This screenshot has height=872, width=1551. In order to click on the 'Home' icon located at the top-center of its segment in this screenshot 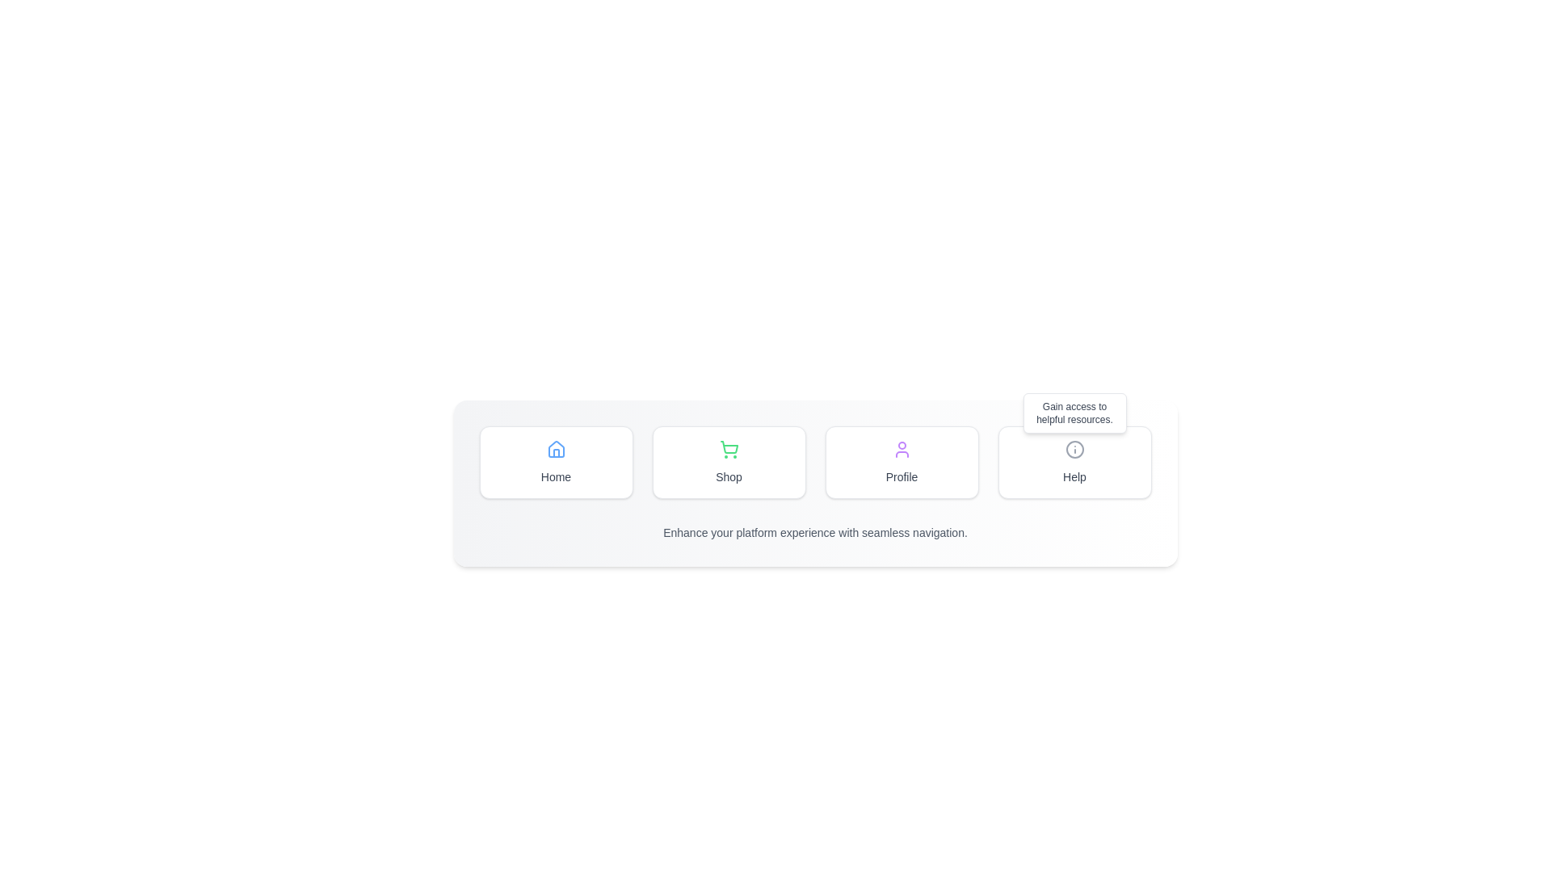, I will do `click(556, 449)`.